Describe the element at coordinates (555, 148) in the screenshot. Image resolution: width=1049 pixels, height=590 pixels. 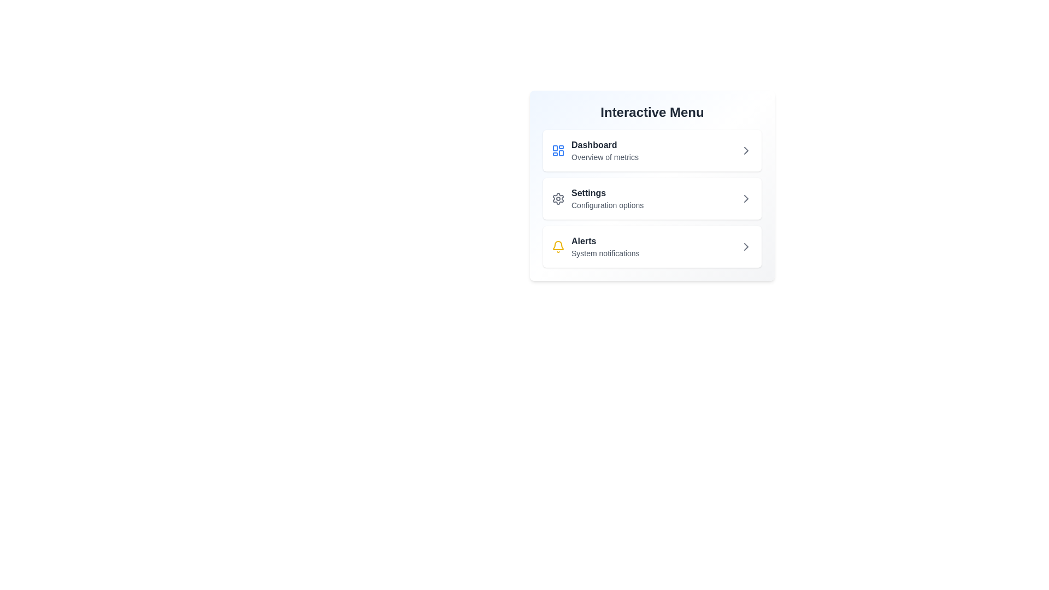
I see `the small rectangular graphic element with rounded edges located in the upper-left corner of the 'Dashboard' button's icon` at that location.